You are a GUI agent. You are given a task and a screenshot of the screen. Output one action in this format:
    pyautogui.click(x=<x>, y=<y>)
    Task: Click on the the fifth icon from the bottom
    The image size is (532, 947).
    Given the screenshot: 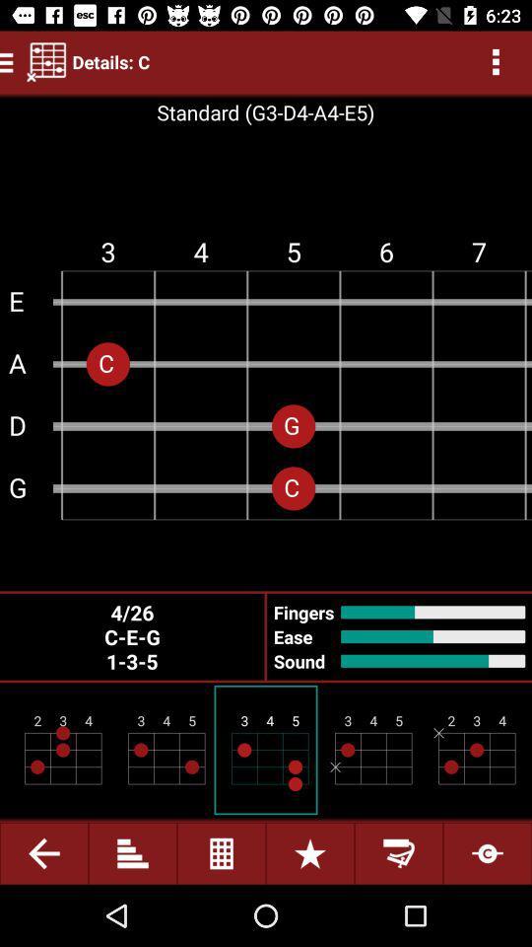 What is the action you would take?
    pyautogui.click(x=399, y=852)
    